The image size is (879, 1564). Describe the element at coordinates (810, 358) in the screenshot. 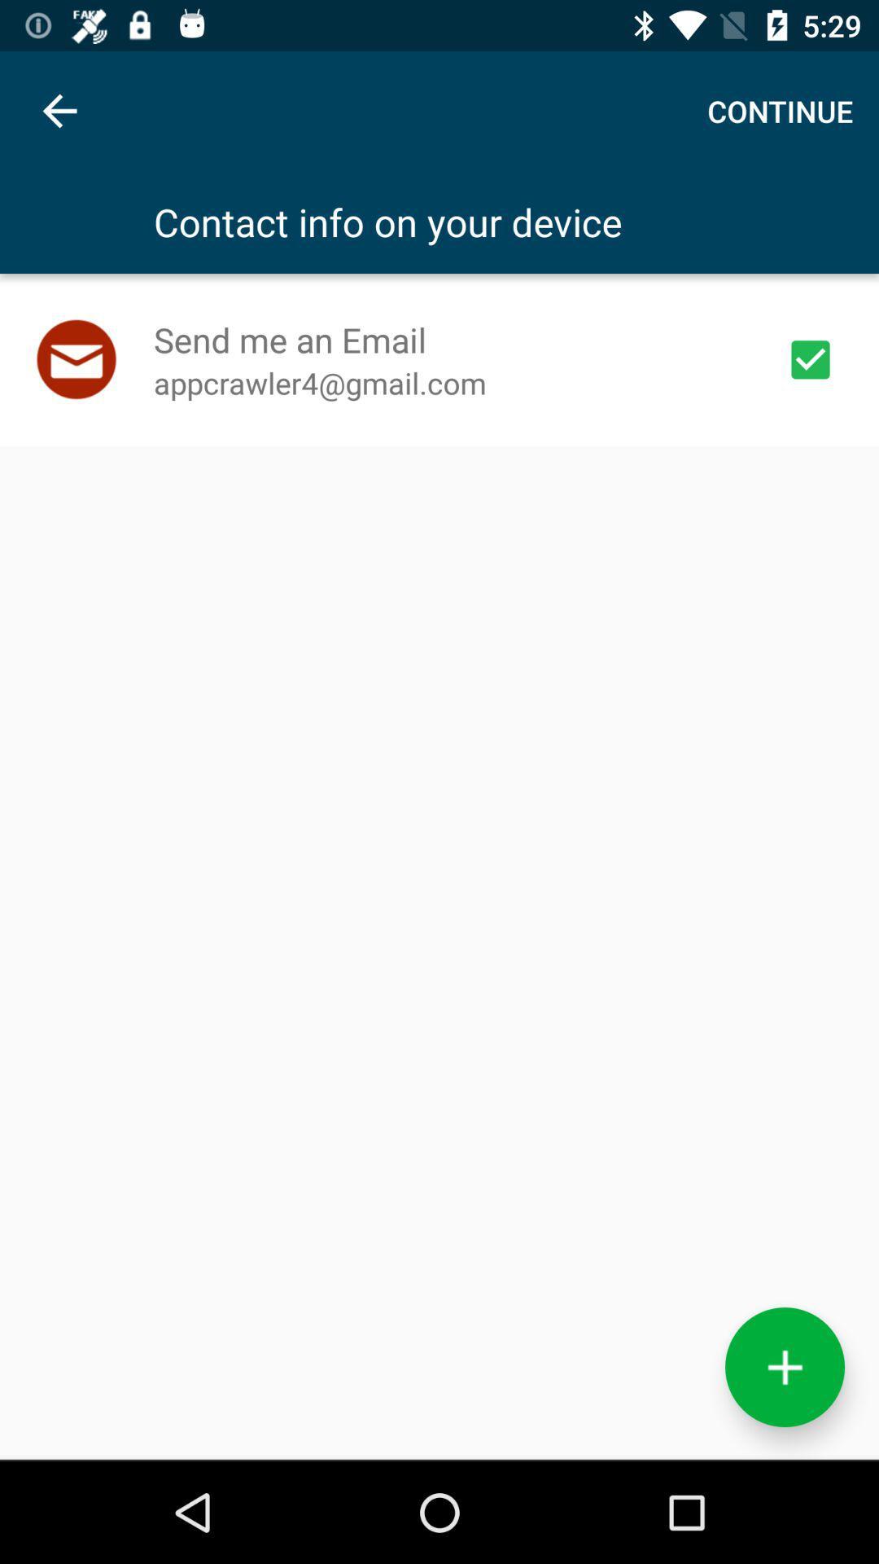

I see `item next to send me an item` at that location.